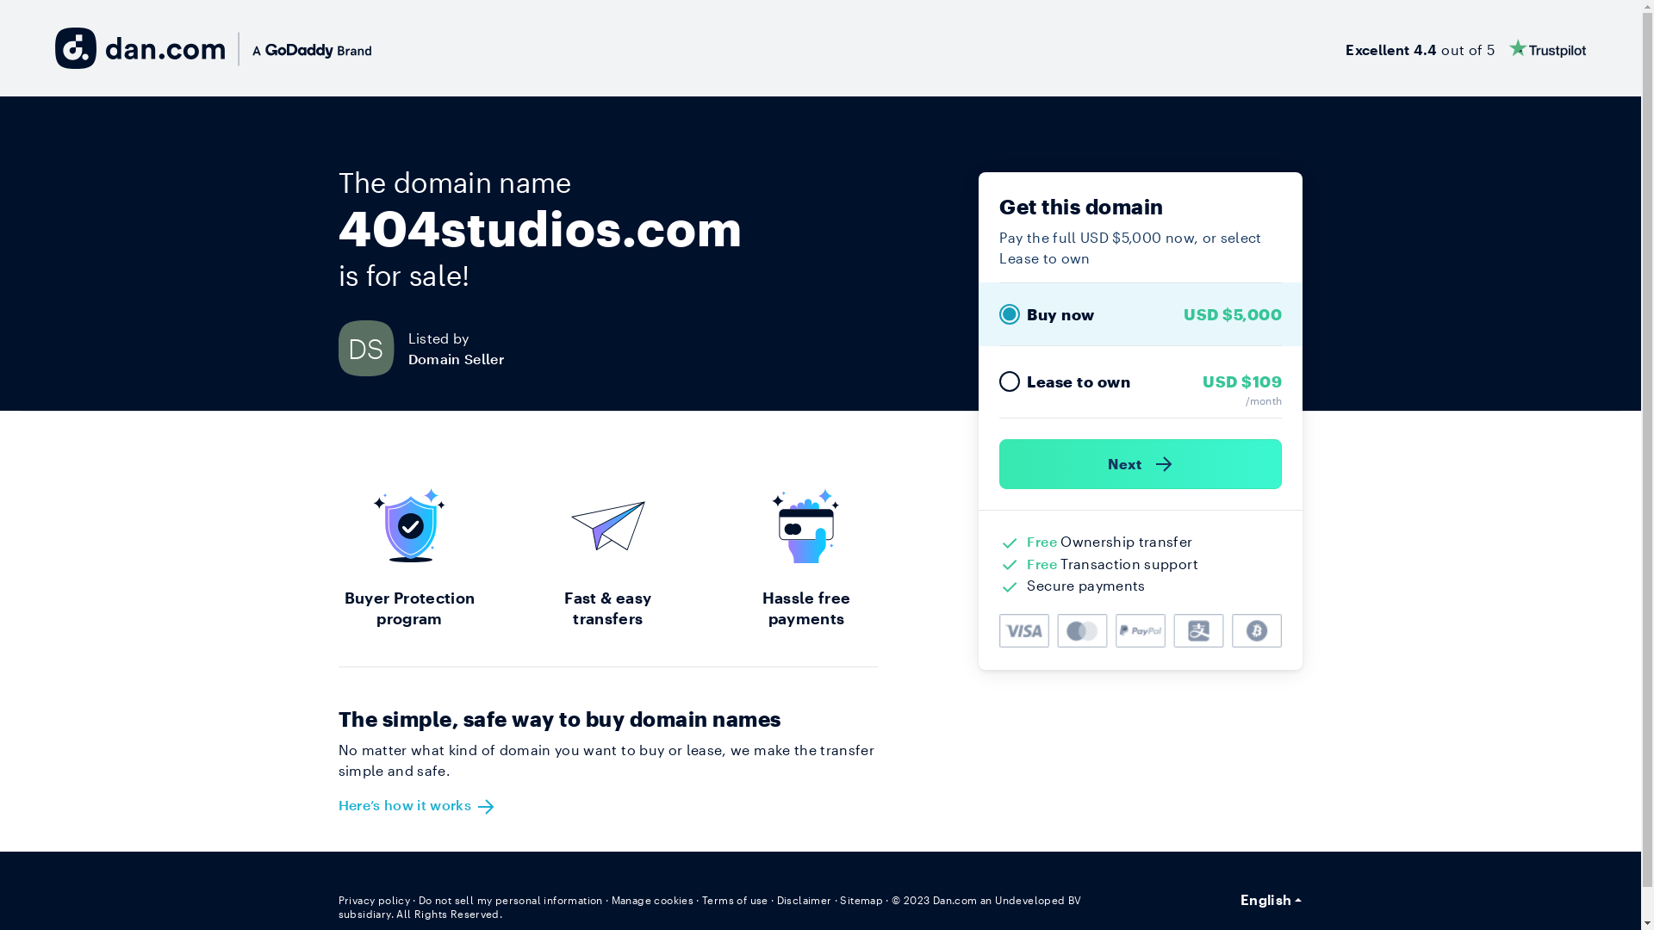 The height and width of the screenshot is (930, 1654). I want to click on 'Excellent 4.4 out of 5', so click(1464, 47).